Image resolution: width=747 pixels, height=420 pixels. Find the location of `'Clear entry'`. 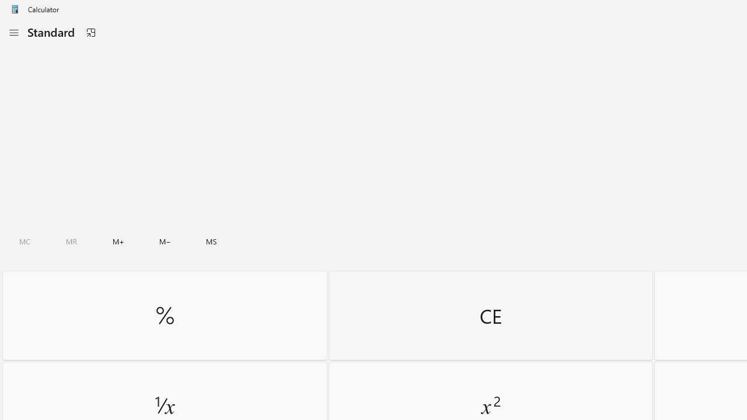

'Clear entry' is located at coordinates (490, 315).